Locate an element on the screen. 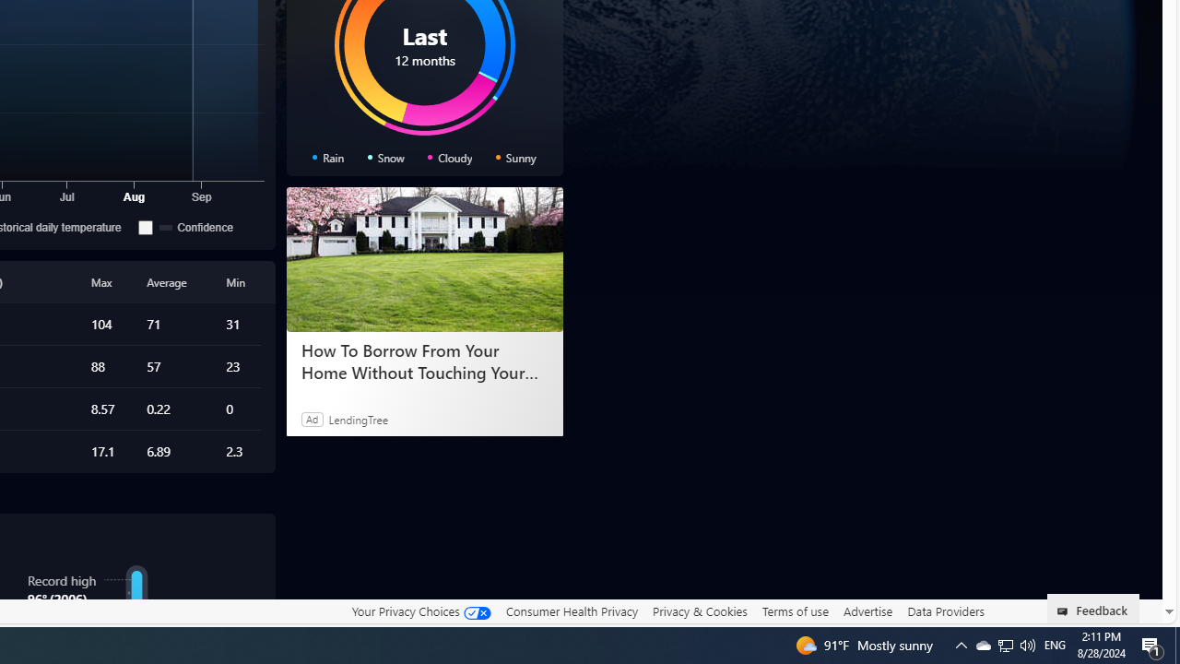 The width and height of the screenshot is (1180, 664). 'Ad' is located at coordinates (312, 419).